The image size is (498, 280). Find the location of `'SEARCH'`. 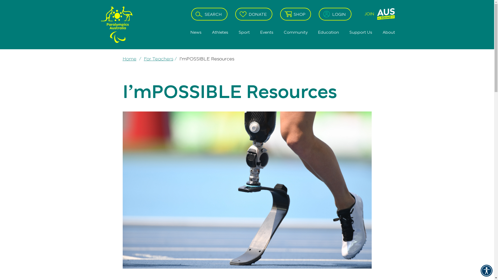

'SEARCH' is located at coordinates (209, 14).